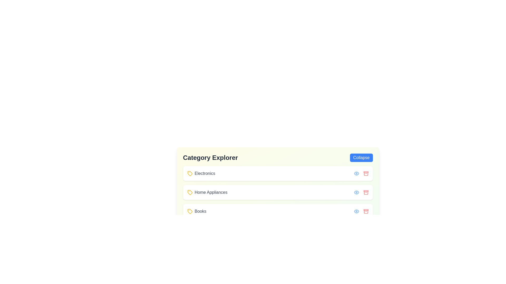 This screenshot has width=506, height=284. I want to click on to select the 'Electronics' category from the first item in the categorized list under the 'Category Explorer' heading, so click(201, 173).